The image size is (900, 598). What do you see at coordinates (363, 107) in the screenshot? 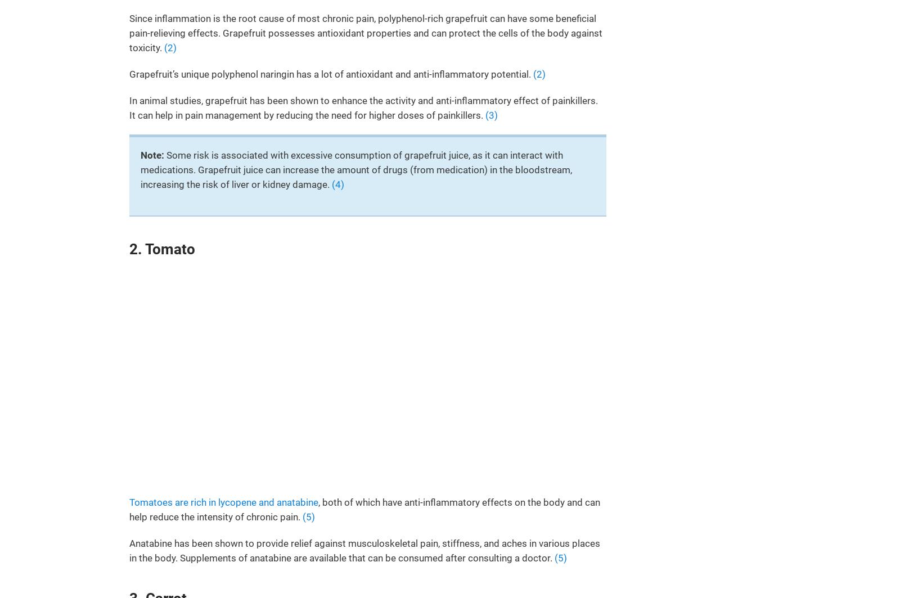
I see `'In animal studies, grapefruit has been shown to enhance the activity and anti-inflammatory effect of painkillers. It can help in pain management by reducing the need for higher doses of painkillers.'` at bounding box center [363, 107].